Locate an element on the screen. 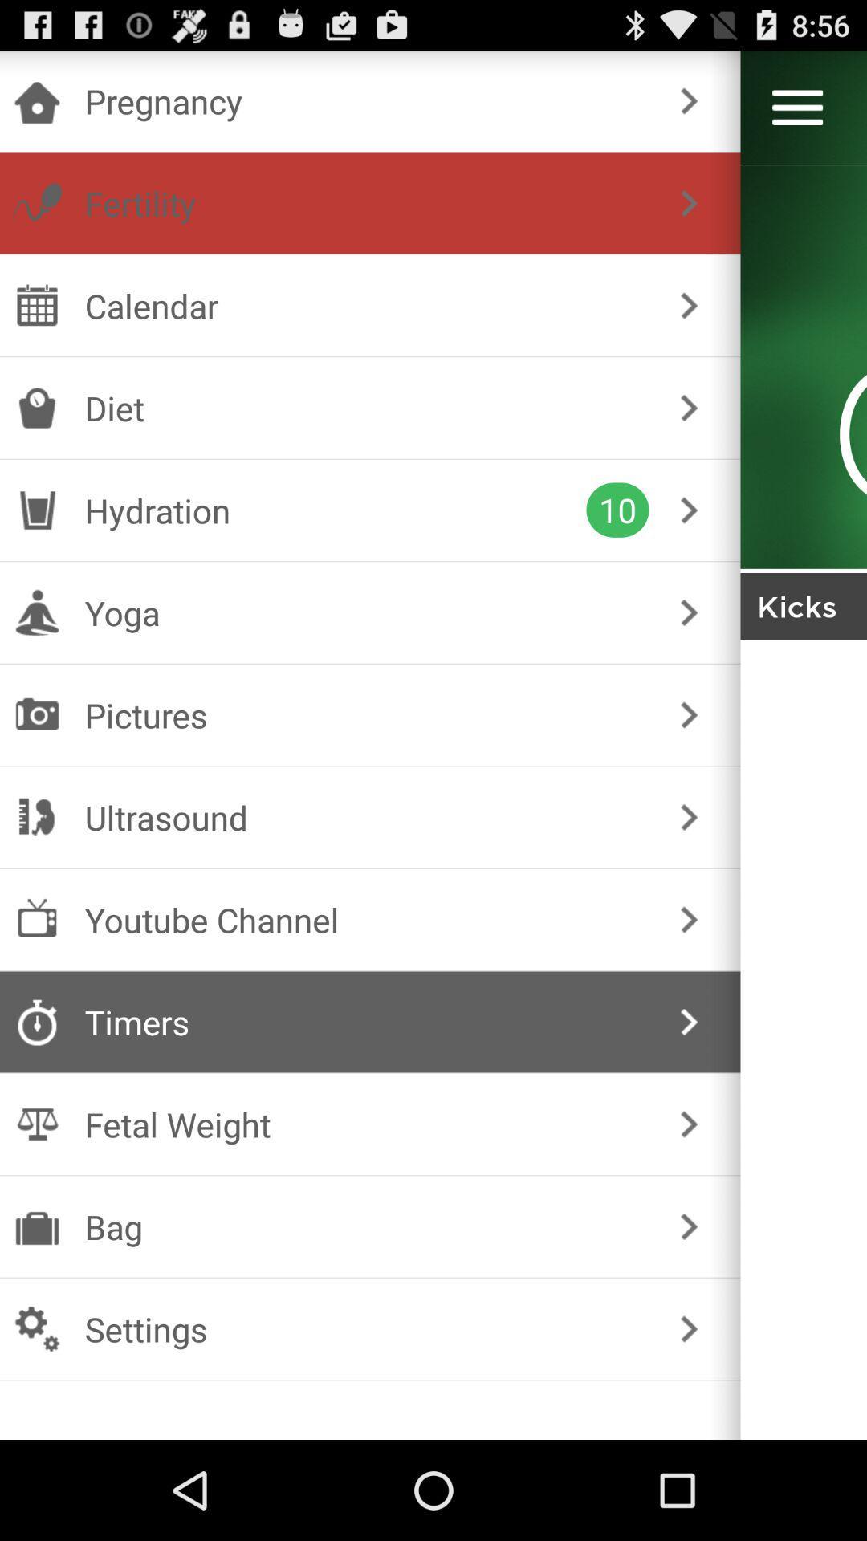  the app next to 00 is located at coordinates (688, 305).